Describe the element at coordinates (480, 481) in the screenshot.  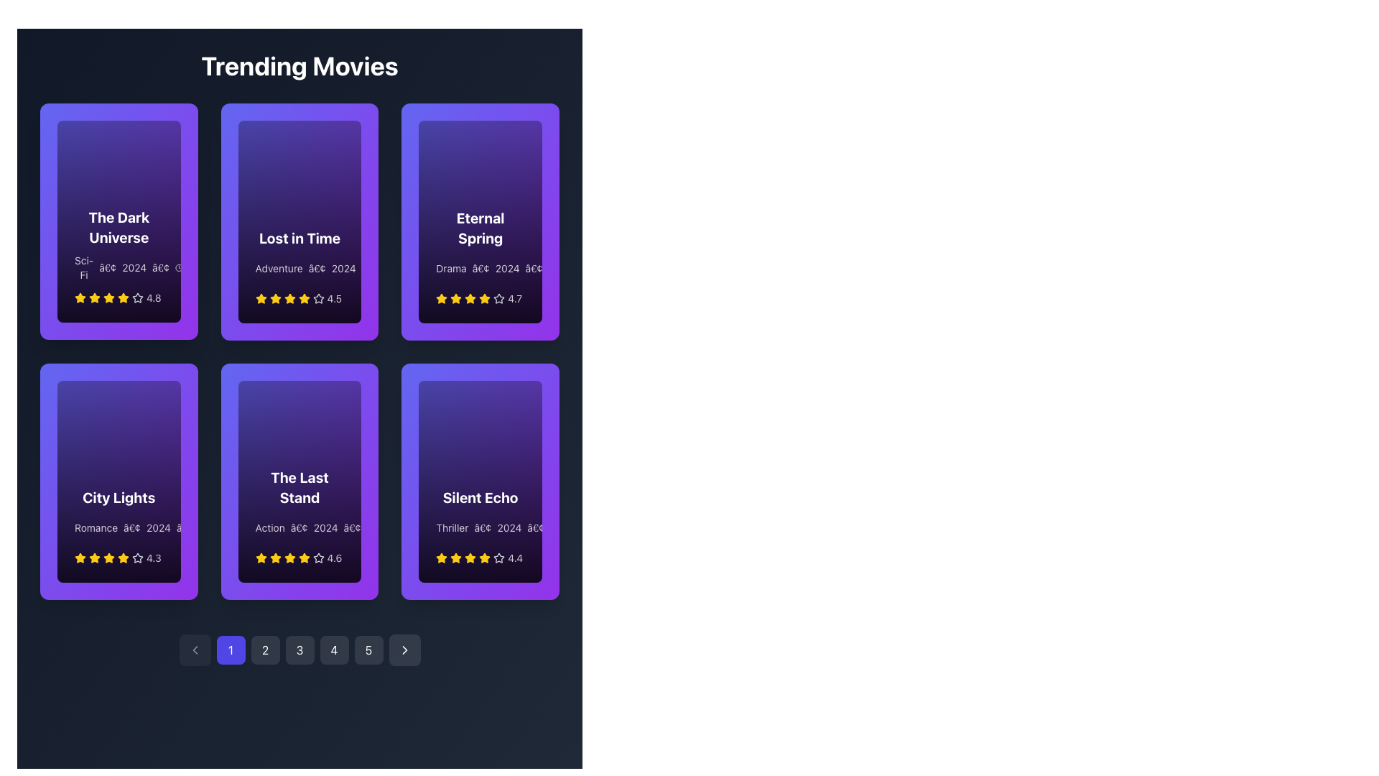
I see `the Card component displaying 'Silent Echo' with a gradient background, located at the bottom-right of the 'Trending Movies' grid` at that location.